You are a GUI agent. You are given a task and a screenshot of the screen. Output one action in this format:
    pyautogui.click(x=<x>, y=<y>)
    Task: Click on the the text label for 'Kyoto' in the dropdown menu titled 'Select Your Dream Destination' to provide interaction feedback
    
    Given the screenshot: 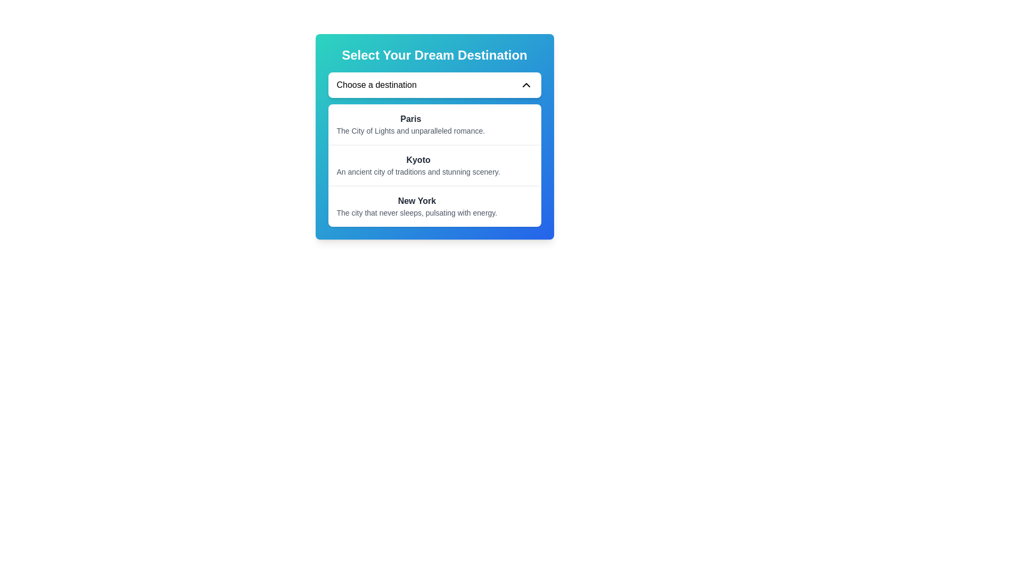 What is the action you would take?
    pyautogui.click(x=418, y=160)
    